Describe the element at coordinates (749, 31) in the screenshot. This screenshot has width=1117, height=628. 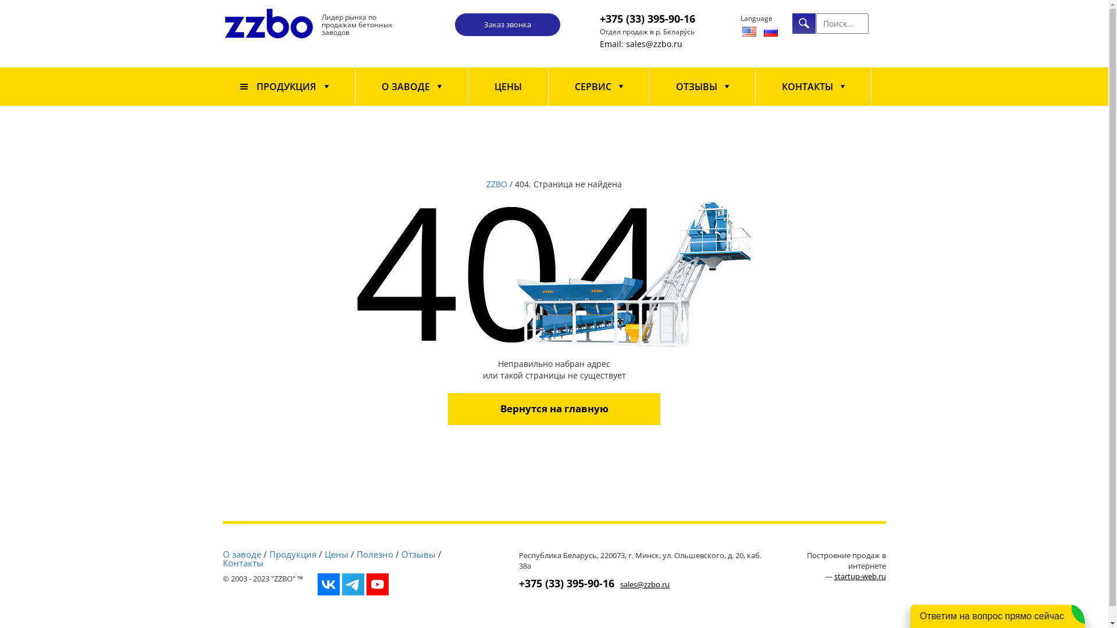
I see `'English'` at that location.